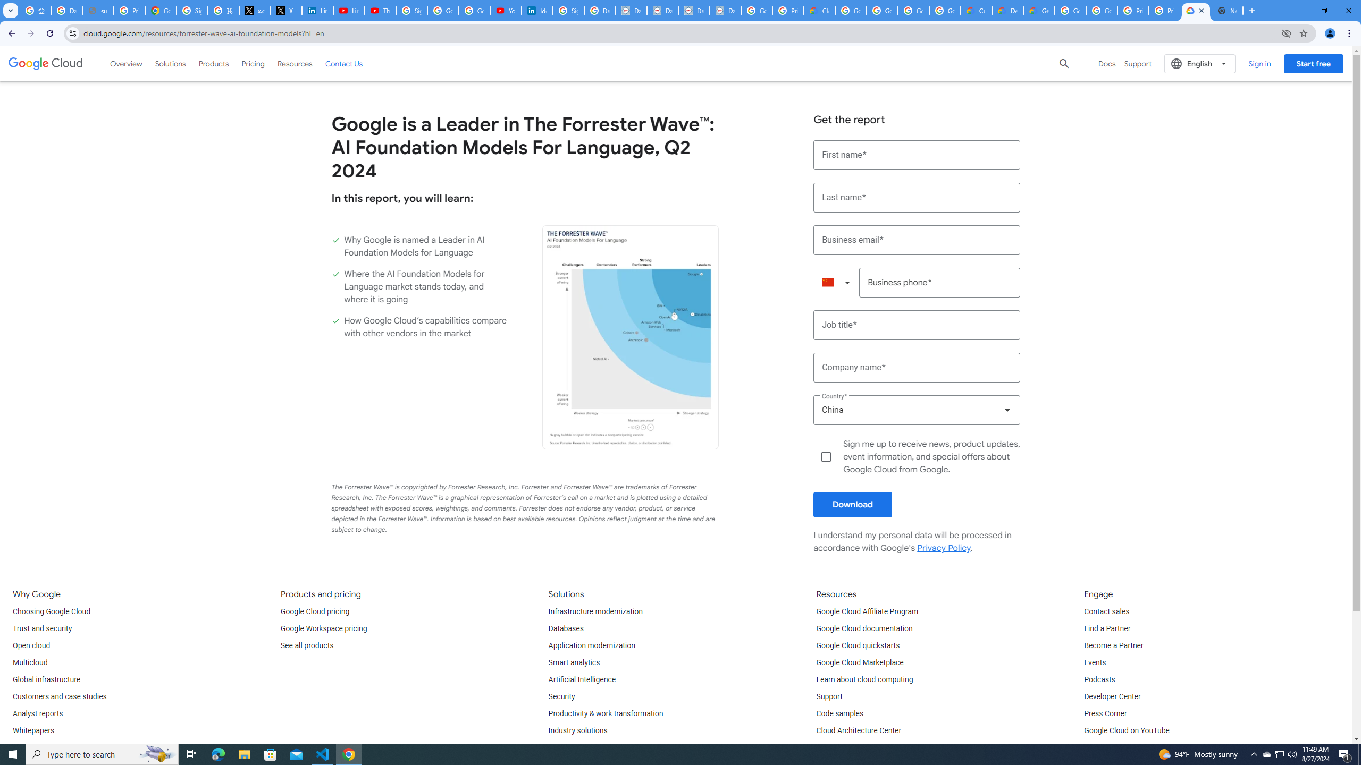 The height and width of the screenshot is (765, 1361). What do you see at coordinates (348, 10) in the screenshot?
I see `'LinkedIn - YouTube'` at bounding box center [348, 10].